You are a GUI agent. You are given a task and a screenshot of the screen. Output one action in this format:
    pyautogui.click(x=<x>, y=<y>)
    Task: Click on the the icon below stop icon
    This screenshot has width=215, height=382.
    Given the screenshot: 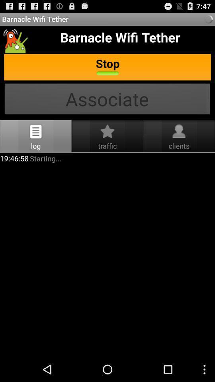 What is the action you would take?
    pyautogui.click(x=107, y=99)
    